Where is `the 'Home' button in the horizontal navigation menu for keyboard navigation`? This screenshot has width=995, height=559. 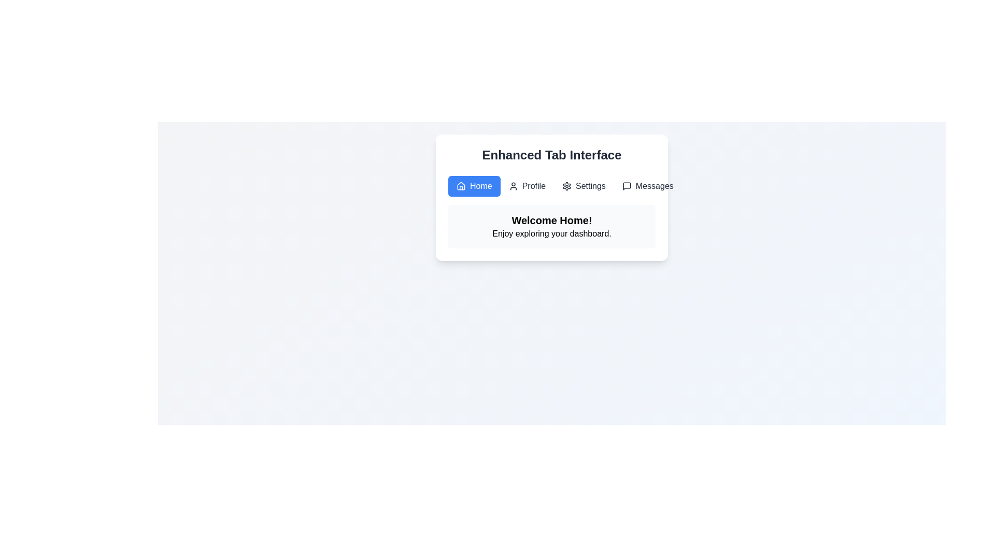
the 'Home' button in the horizontal navigation menu for keyboard navigation is located at coordinates (474, 185).